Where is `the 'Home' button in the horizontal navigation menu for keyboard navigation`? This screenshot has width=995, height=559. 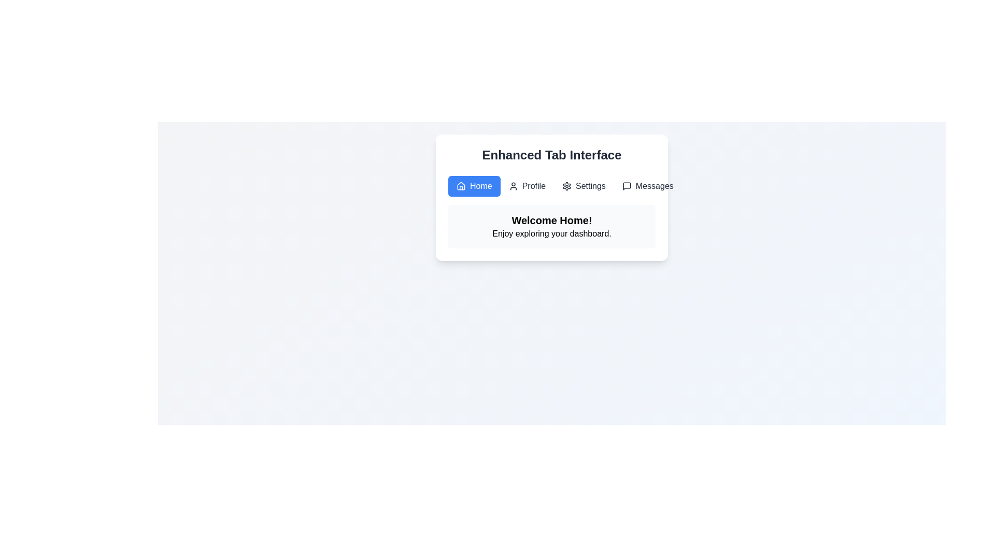
the 'Home' button in the horizontal navigation menu for keyboard navigation is located at coordinates (474, 185).